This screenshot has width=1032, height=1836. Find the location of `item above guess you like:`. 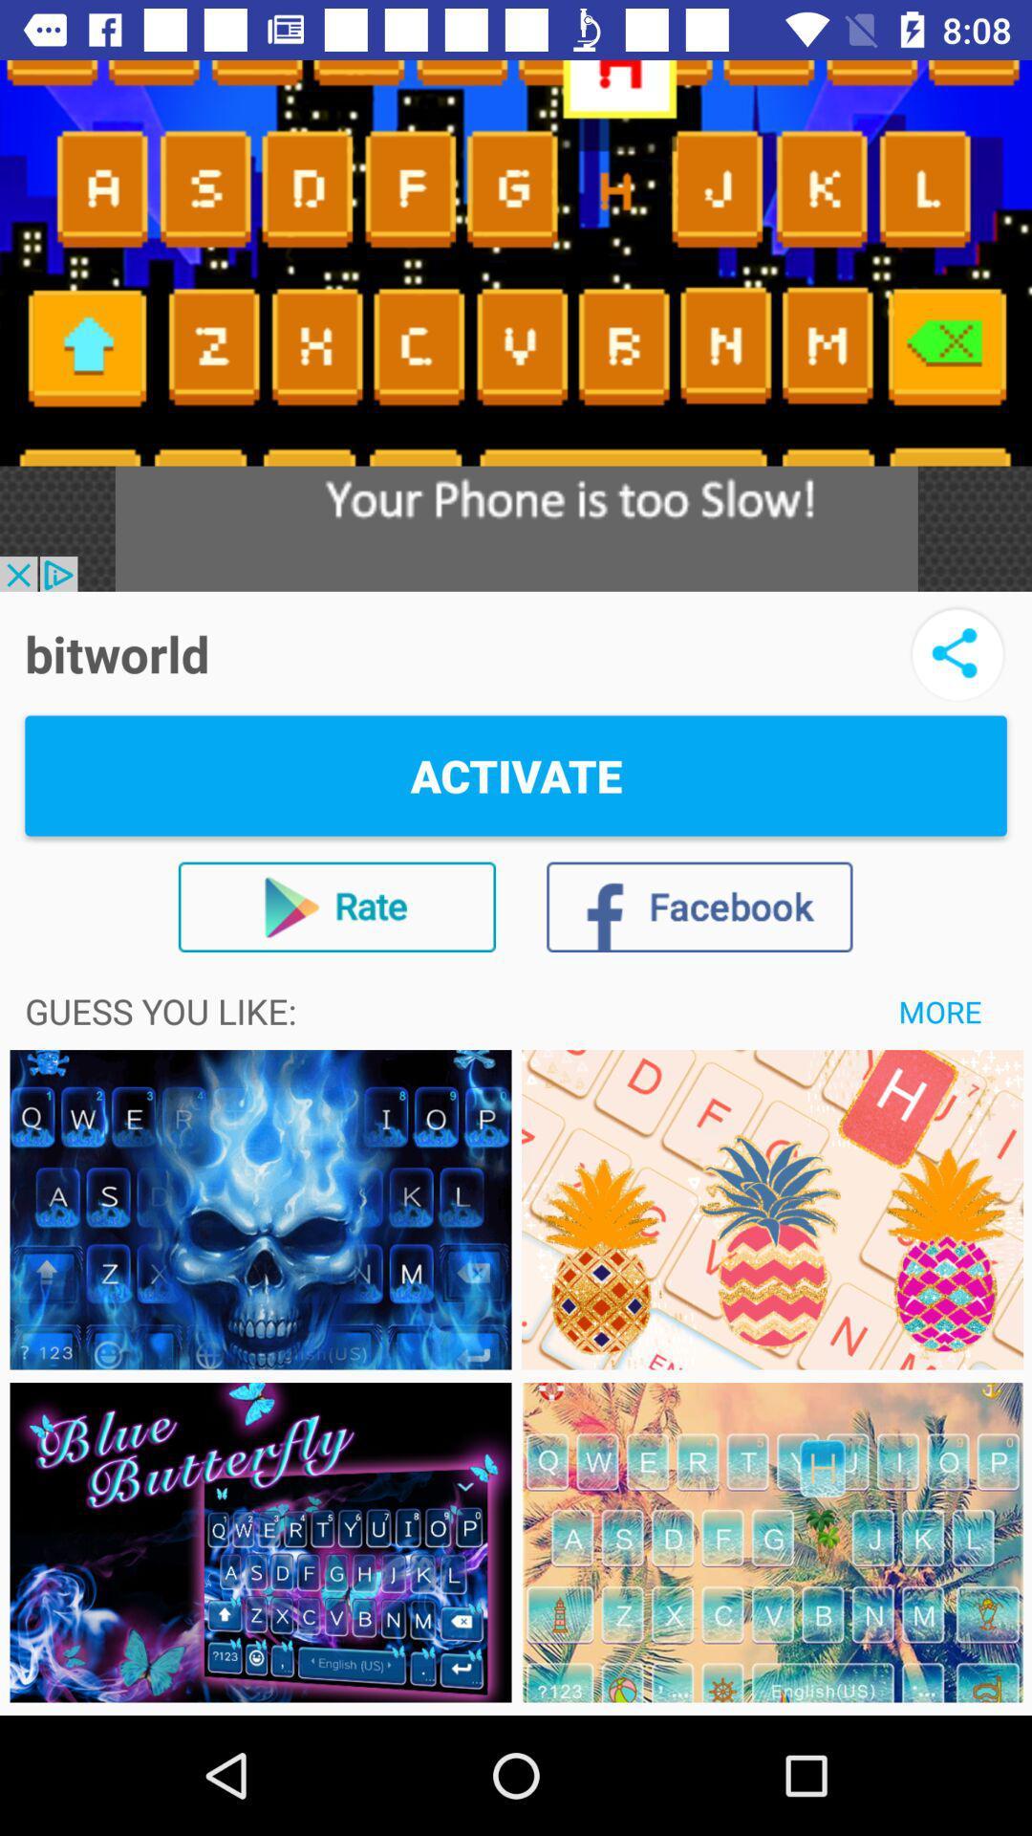

item above guess you like: is located at coordinates (335, 906).